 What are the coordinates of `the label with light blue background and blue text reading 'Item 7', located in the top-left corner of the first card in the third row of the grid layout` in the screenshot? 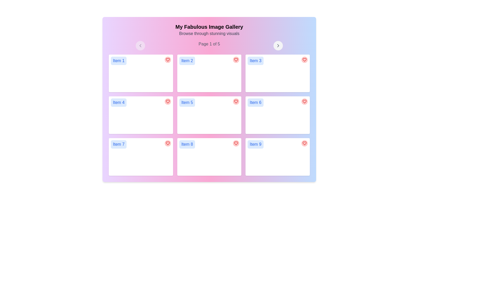 It's located at (118, 144).